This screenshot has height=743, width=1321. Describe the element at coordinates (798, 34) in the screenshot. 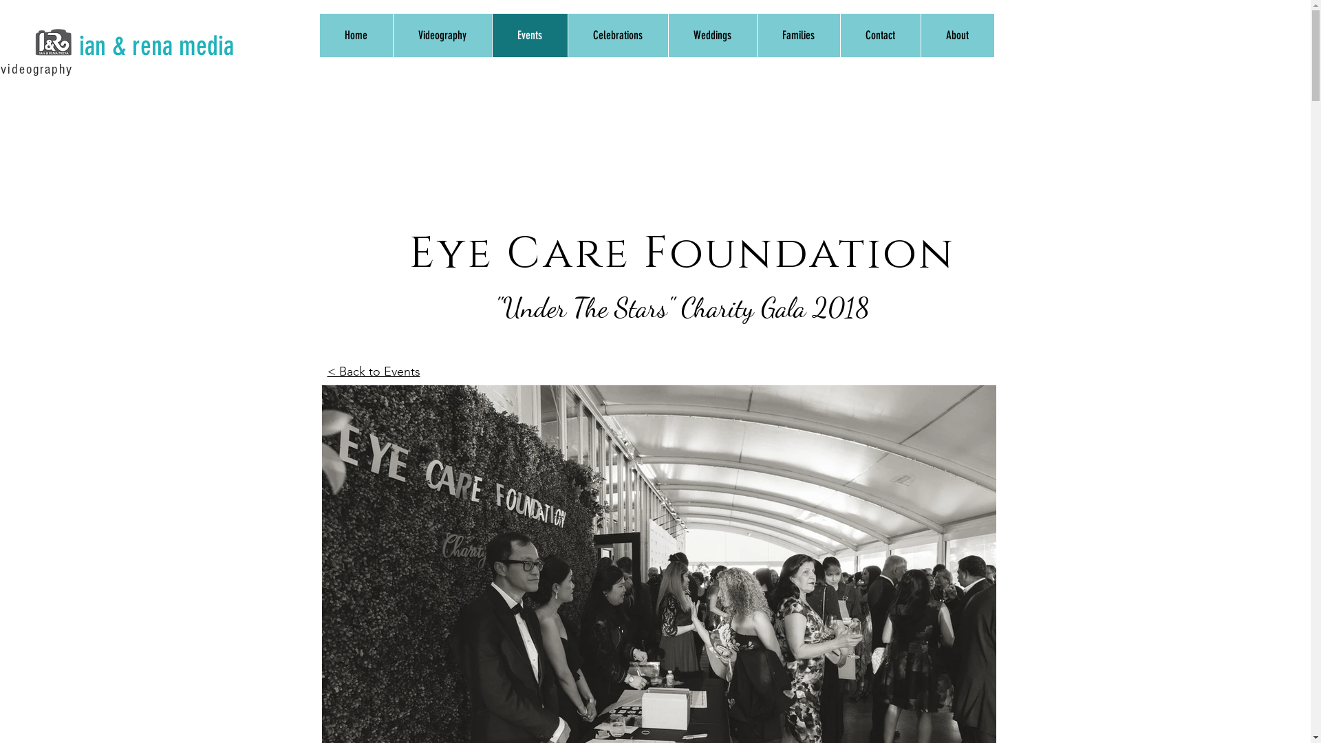

I see `'Families'` at that location.